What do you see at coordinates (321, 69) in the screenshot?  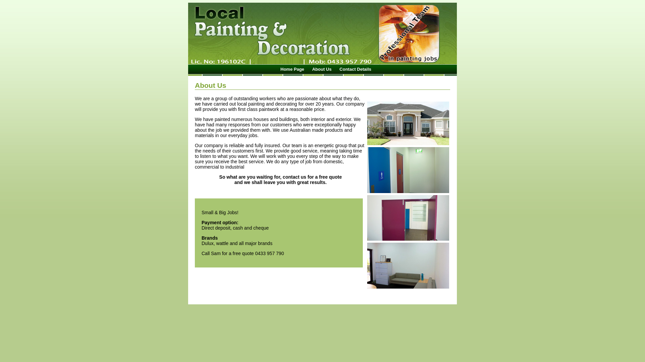 I see `'About Us'` at bounding box center [321, 69].